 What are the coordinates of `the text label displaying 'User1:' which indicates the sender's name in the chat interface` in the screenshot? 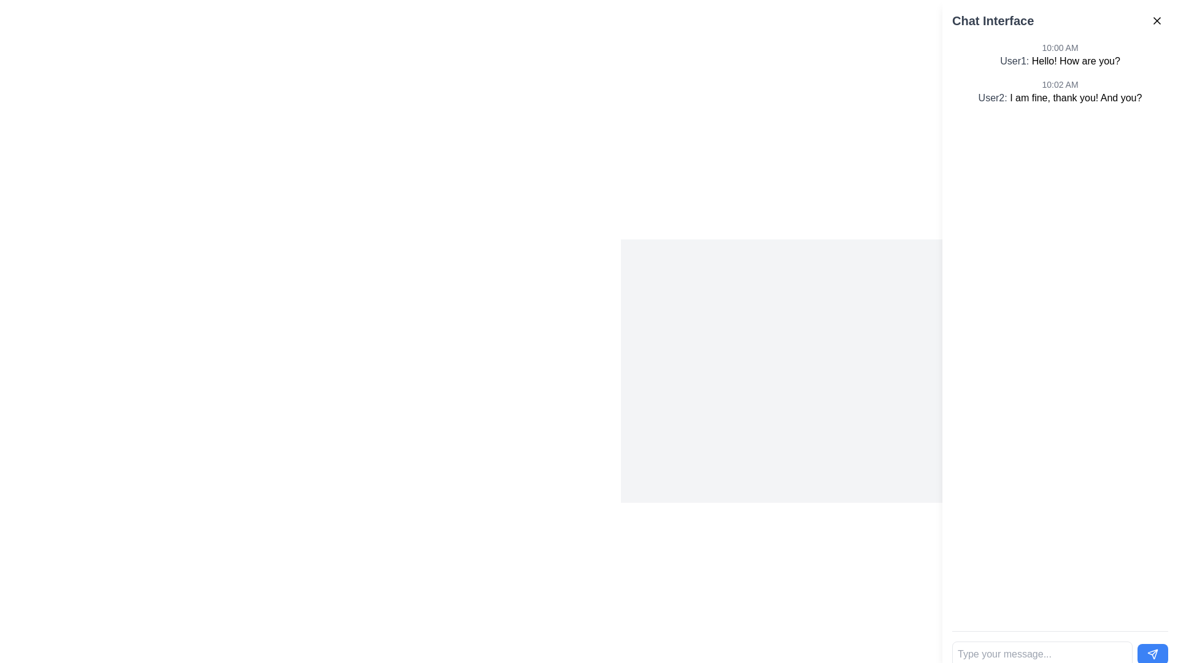 It's located at (1016, 61).